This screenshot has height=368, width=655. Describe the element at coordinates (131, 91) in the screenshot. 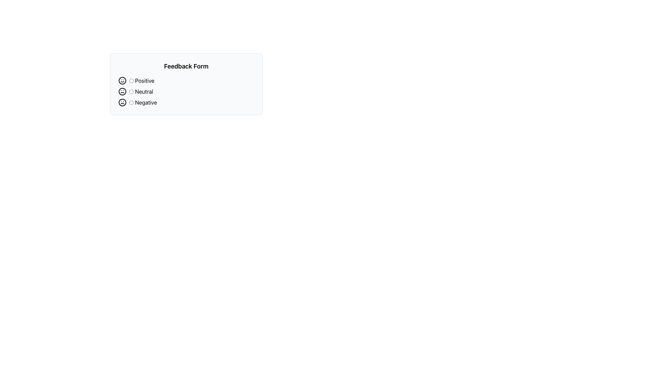

I see `the 'Neutral' radio button` at that location.